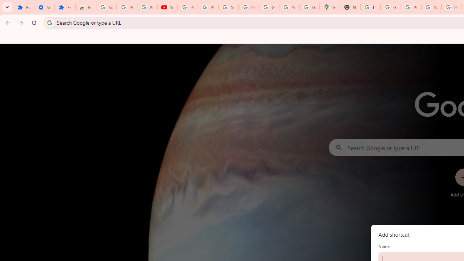 This screenshot has width=464, height=261. What do you see at coordinates (370, 7) in the screenshot?
I see `'https://scholar.google.com/'` at bounding box center [370, 7].